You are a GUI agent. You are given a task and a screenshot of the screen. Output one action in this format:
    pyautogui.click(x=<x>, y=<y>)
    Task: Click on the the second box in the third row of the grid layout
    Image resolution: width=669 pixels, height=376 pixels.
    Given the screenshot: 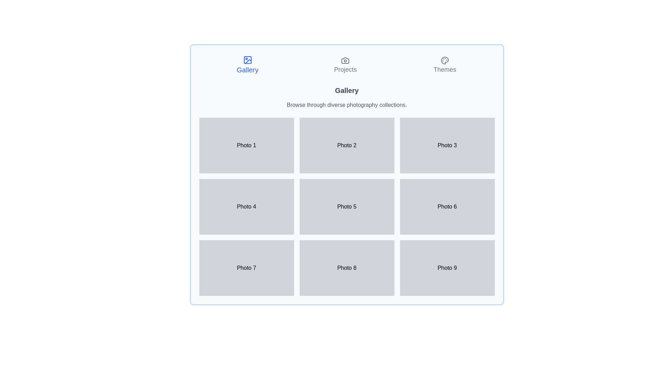 What is the action you would take?
    pyautogui.click(x=347, y=268)
    